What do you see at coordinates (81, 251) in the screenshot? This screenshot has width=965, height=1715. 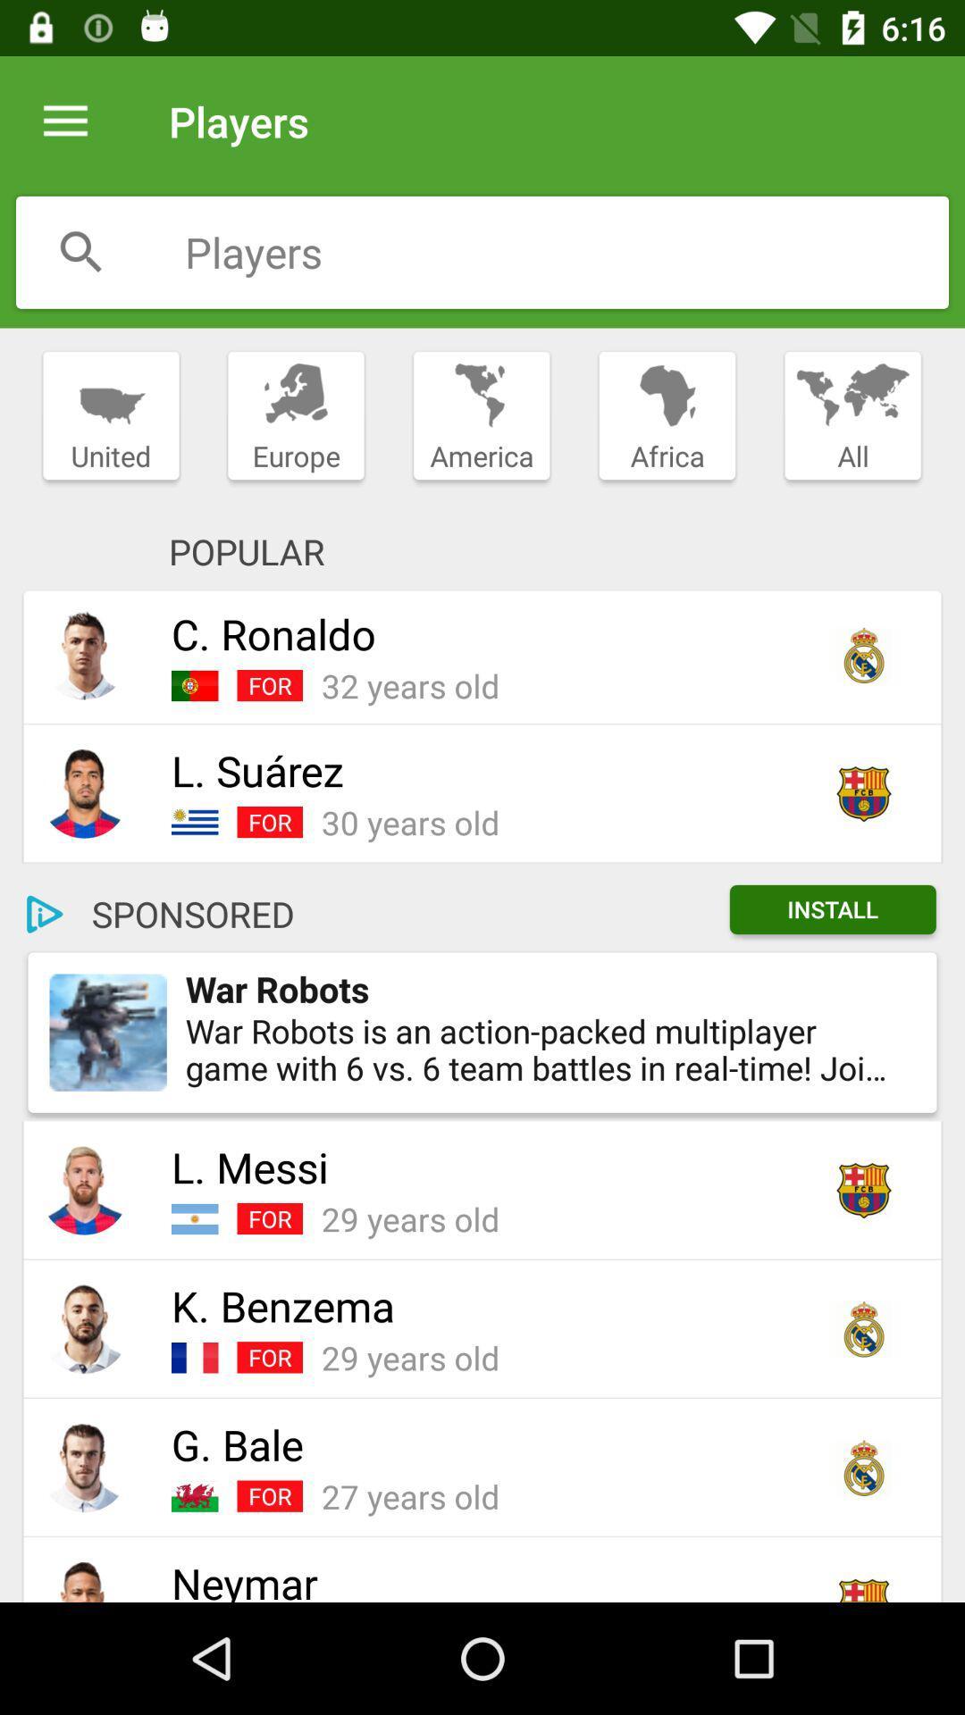 I see `search players` at bounding box center [81, 251].